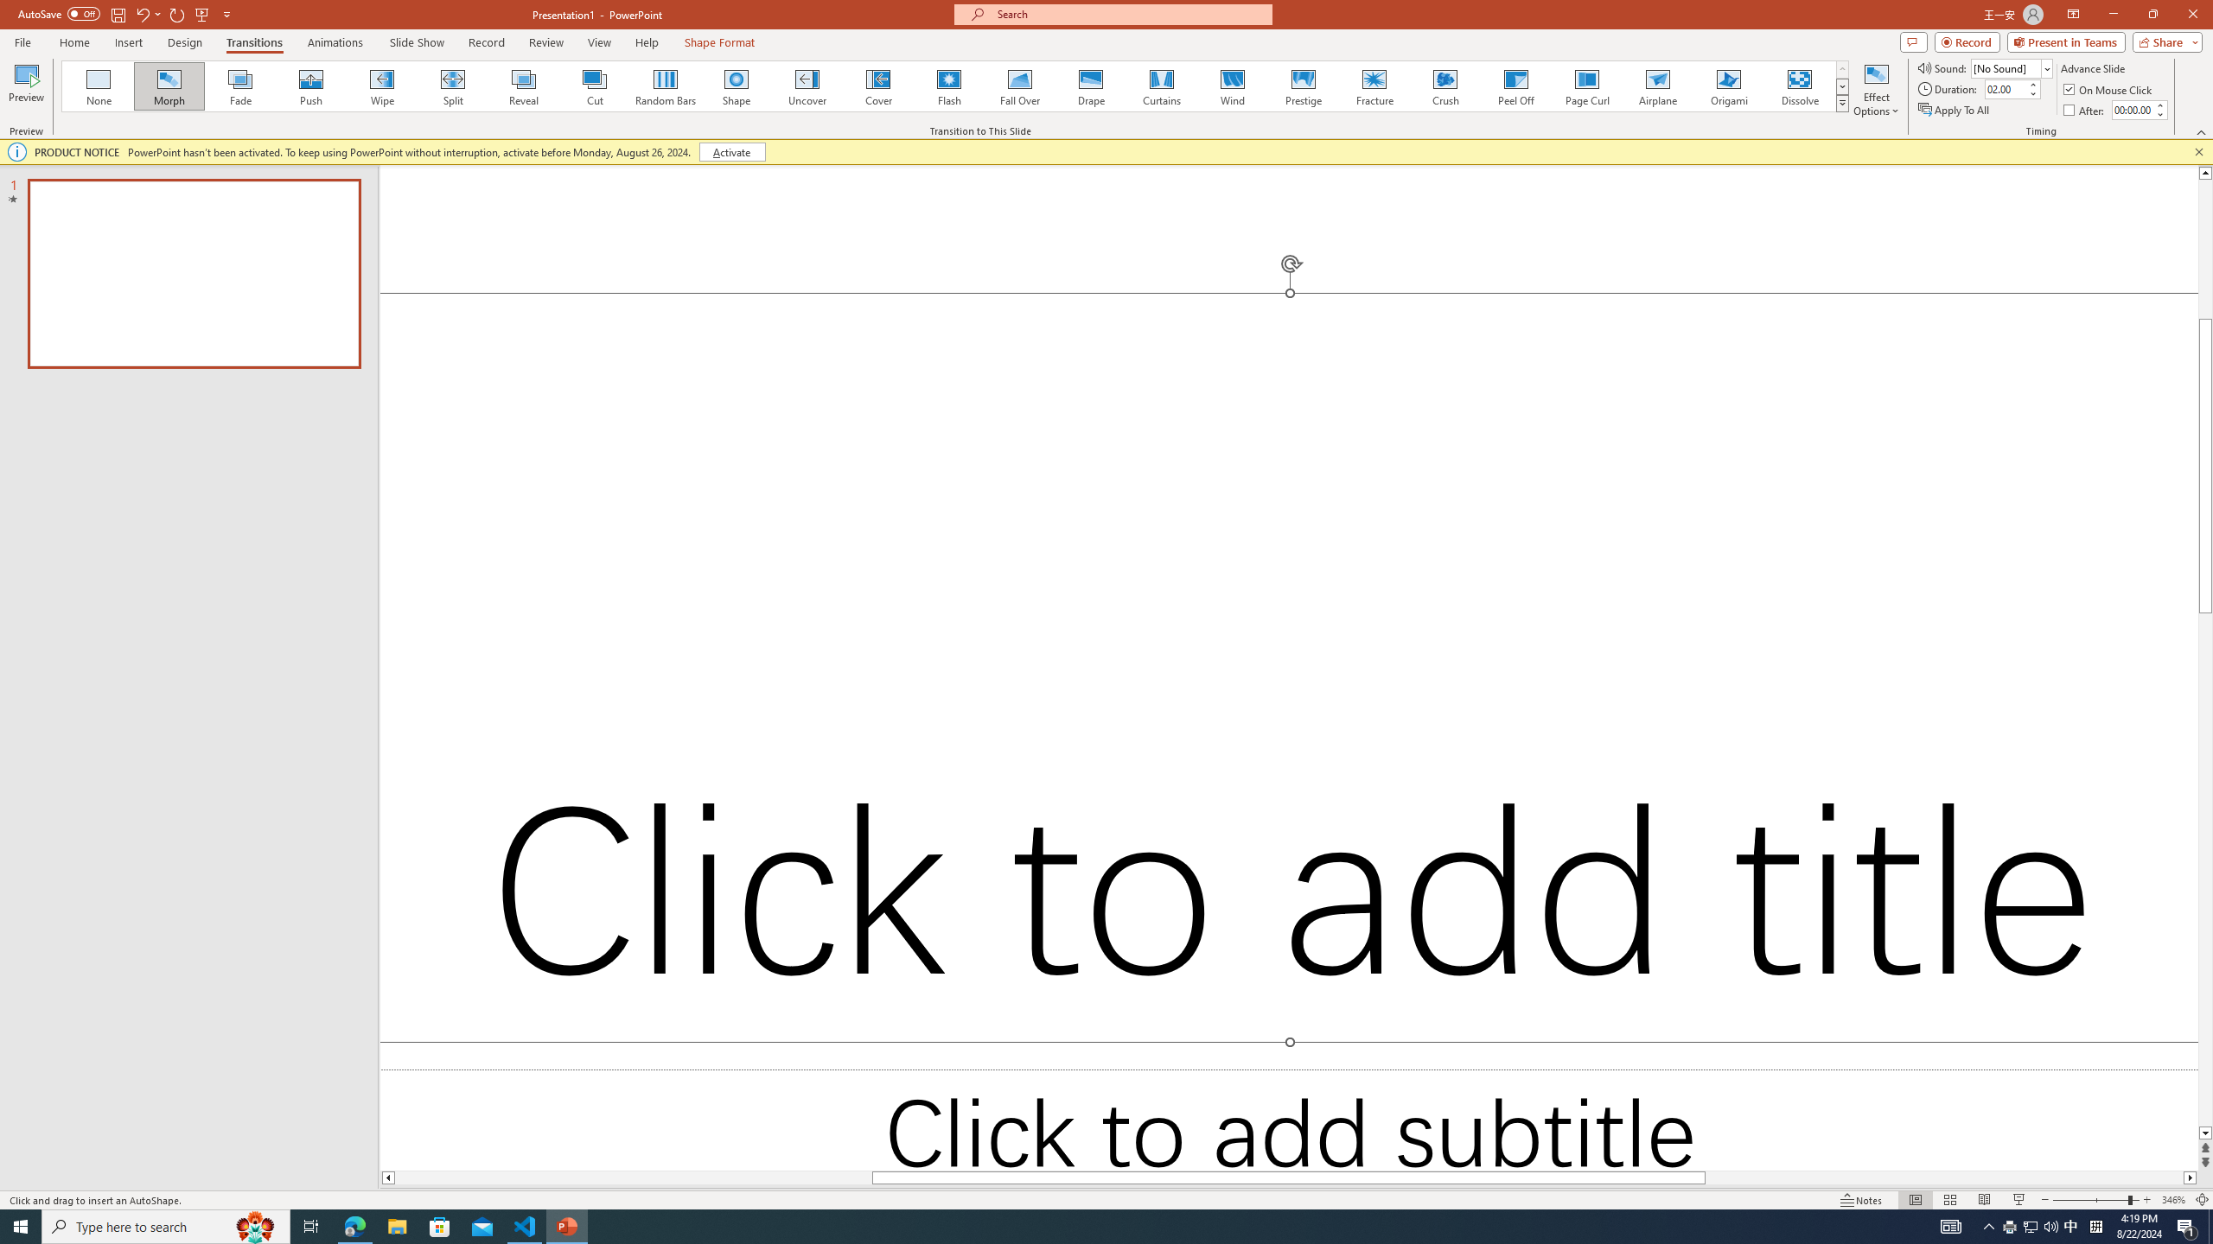  What do you see at coordinates (2005, 88) in the screenshot?
I see `'Duration'` at bounding box center [2005, 88].